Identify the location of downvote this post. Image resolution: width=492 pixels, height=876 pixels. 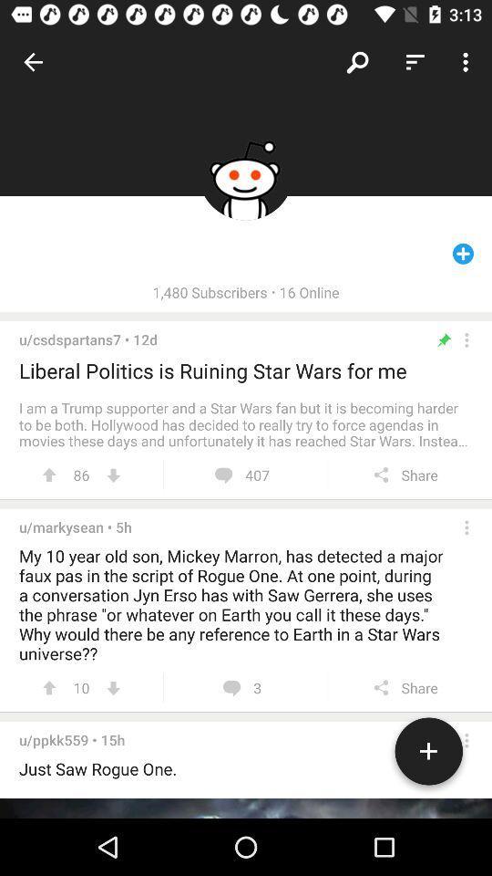
(113, 474).